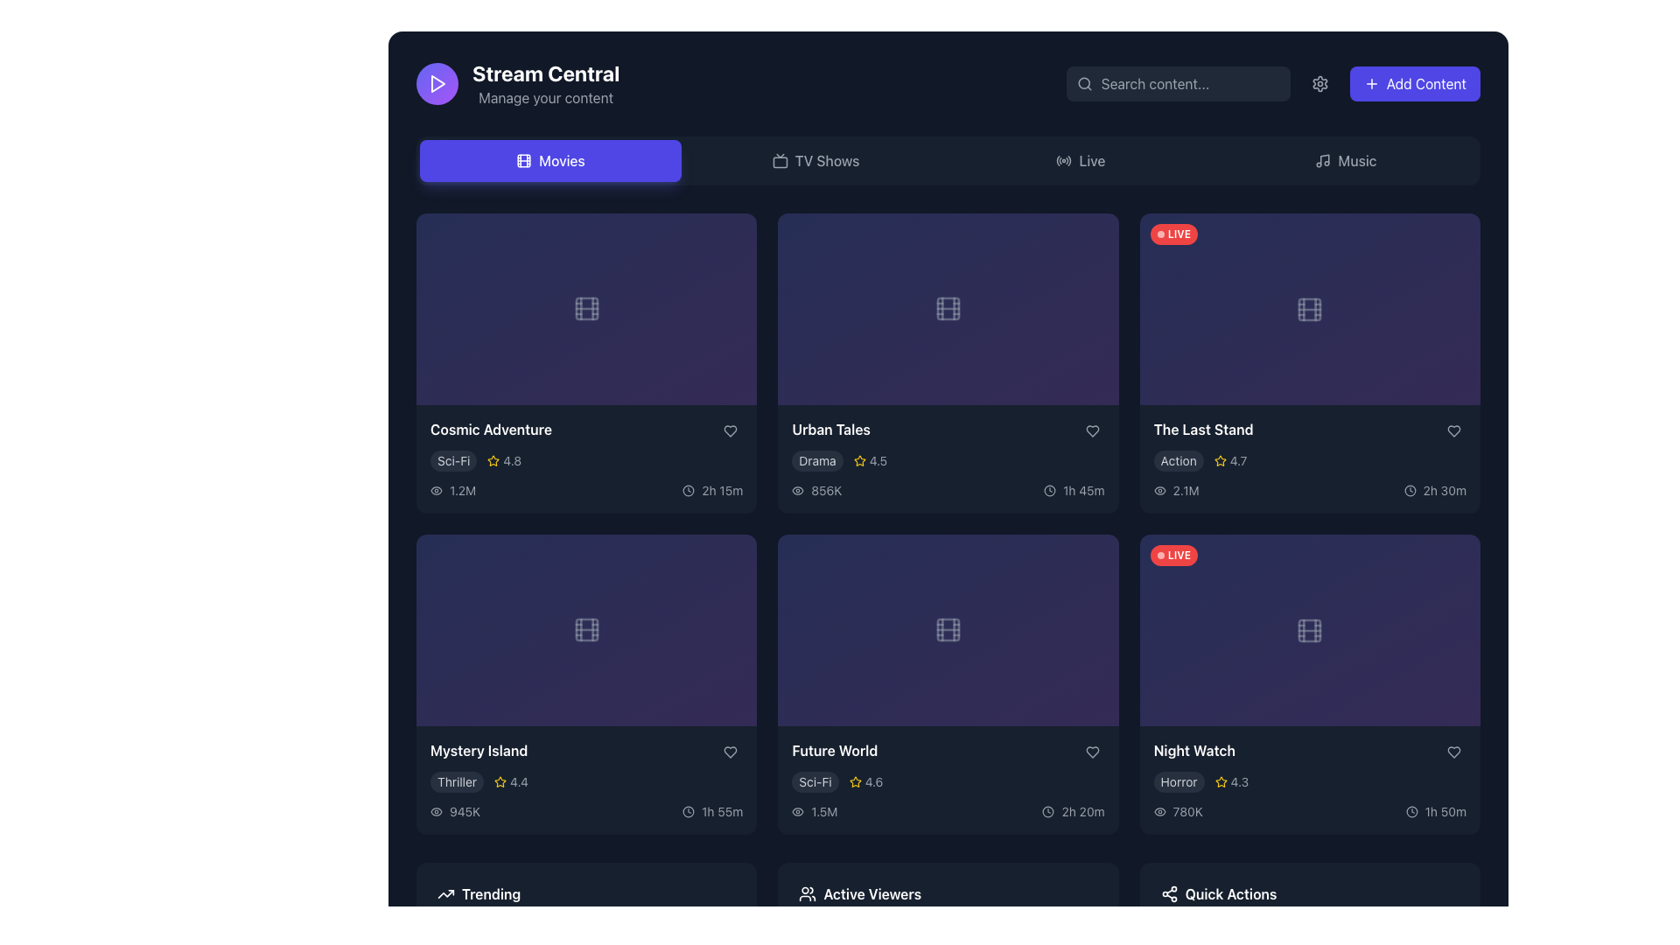 This screenshot has height=945, width=1680. What do you see at coordinates (1220, 780) in the screenshot?
I see `the yellow star icon indicating a rating next to the text '4.3' for the movie 'Night Watch'` at bounding box center [1220, 780].